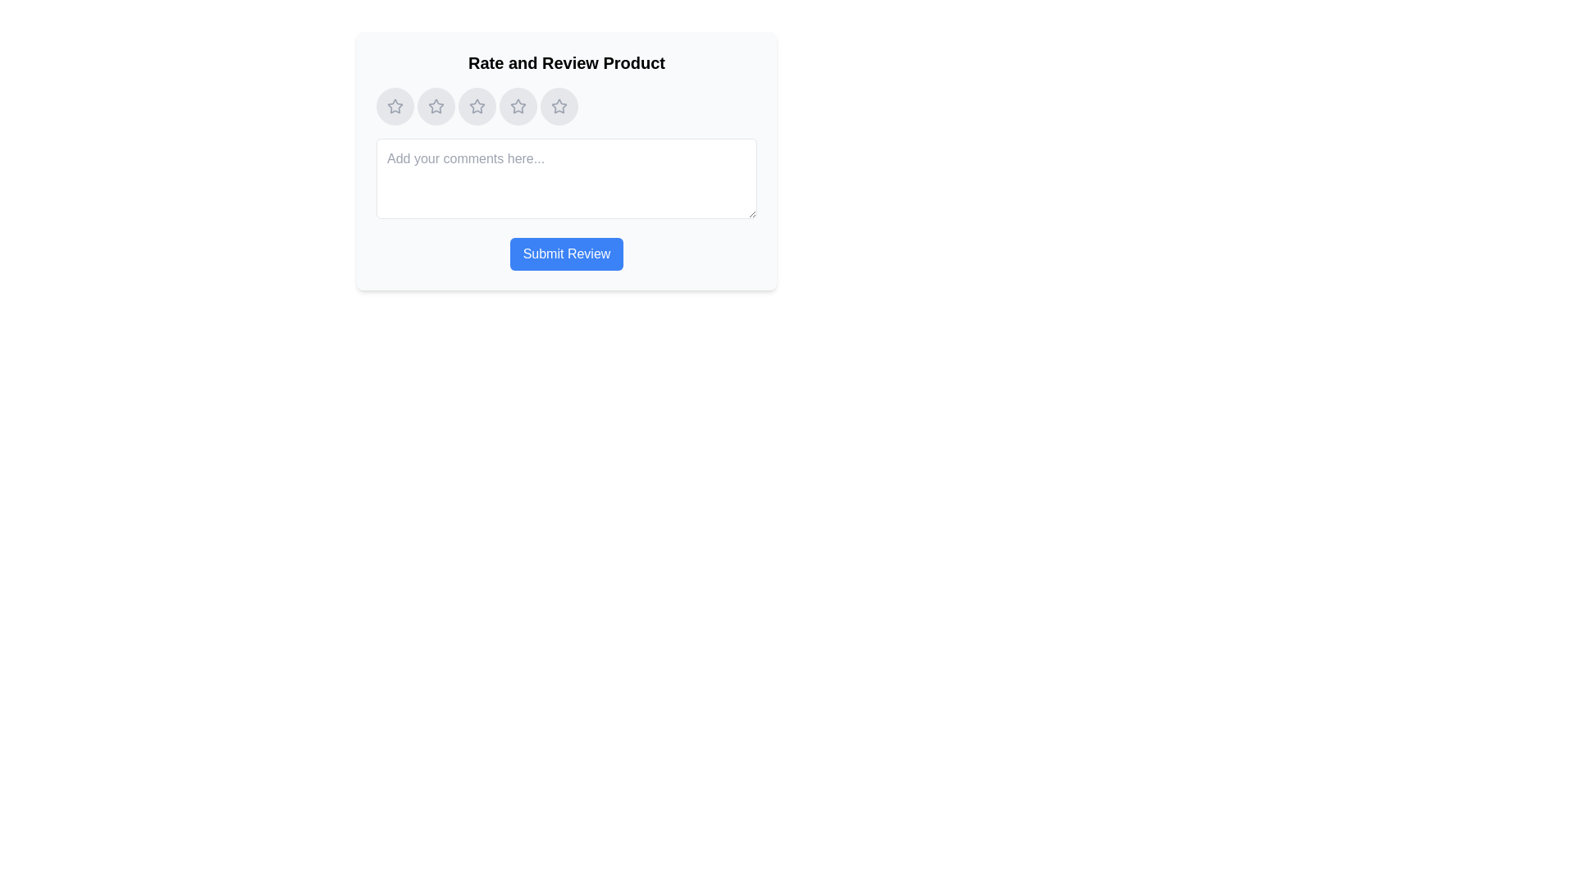  Describe the element at coordinates (436, 107) in the screenshot. I see `the second rating star in the five-star rating system under the 'Rate and Review Product' header` at that location.